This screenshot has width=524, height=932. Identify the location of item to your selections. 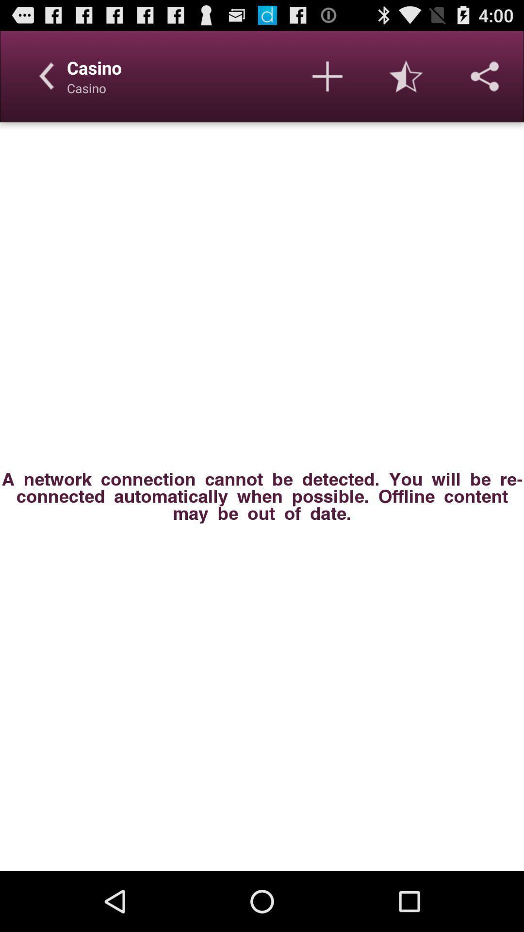
(327, 76).